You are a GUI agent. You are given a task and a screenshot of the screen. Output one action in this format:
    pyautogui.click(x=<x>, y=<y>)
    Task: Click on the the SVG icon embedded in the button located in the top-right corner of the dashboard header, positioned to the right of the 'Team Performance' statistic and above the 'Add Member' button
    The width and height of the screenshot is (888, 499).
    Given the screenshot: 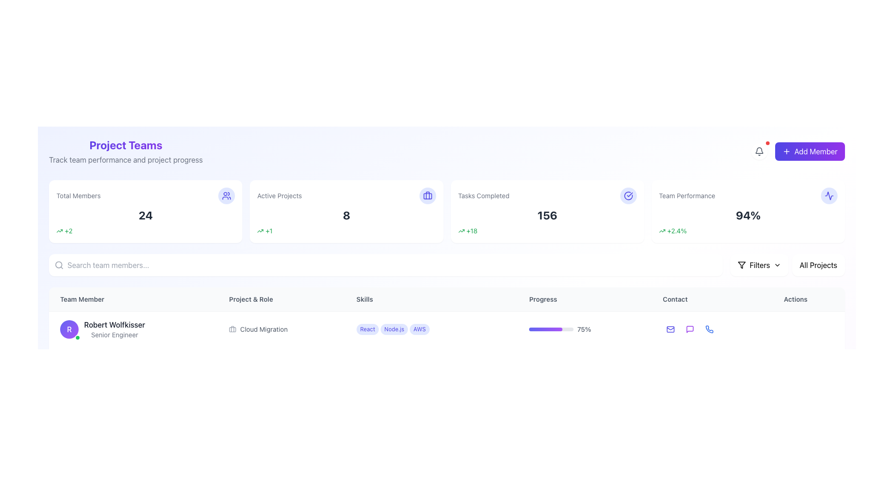 What is the action you would take?
    pyautogui.click(x=829, y=195)
    